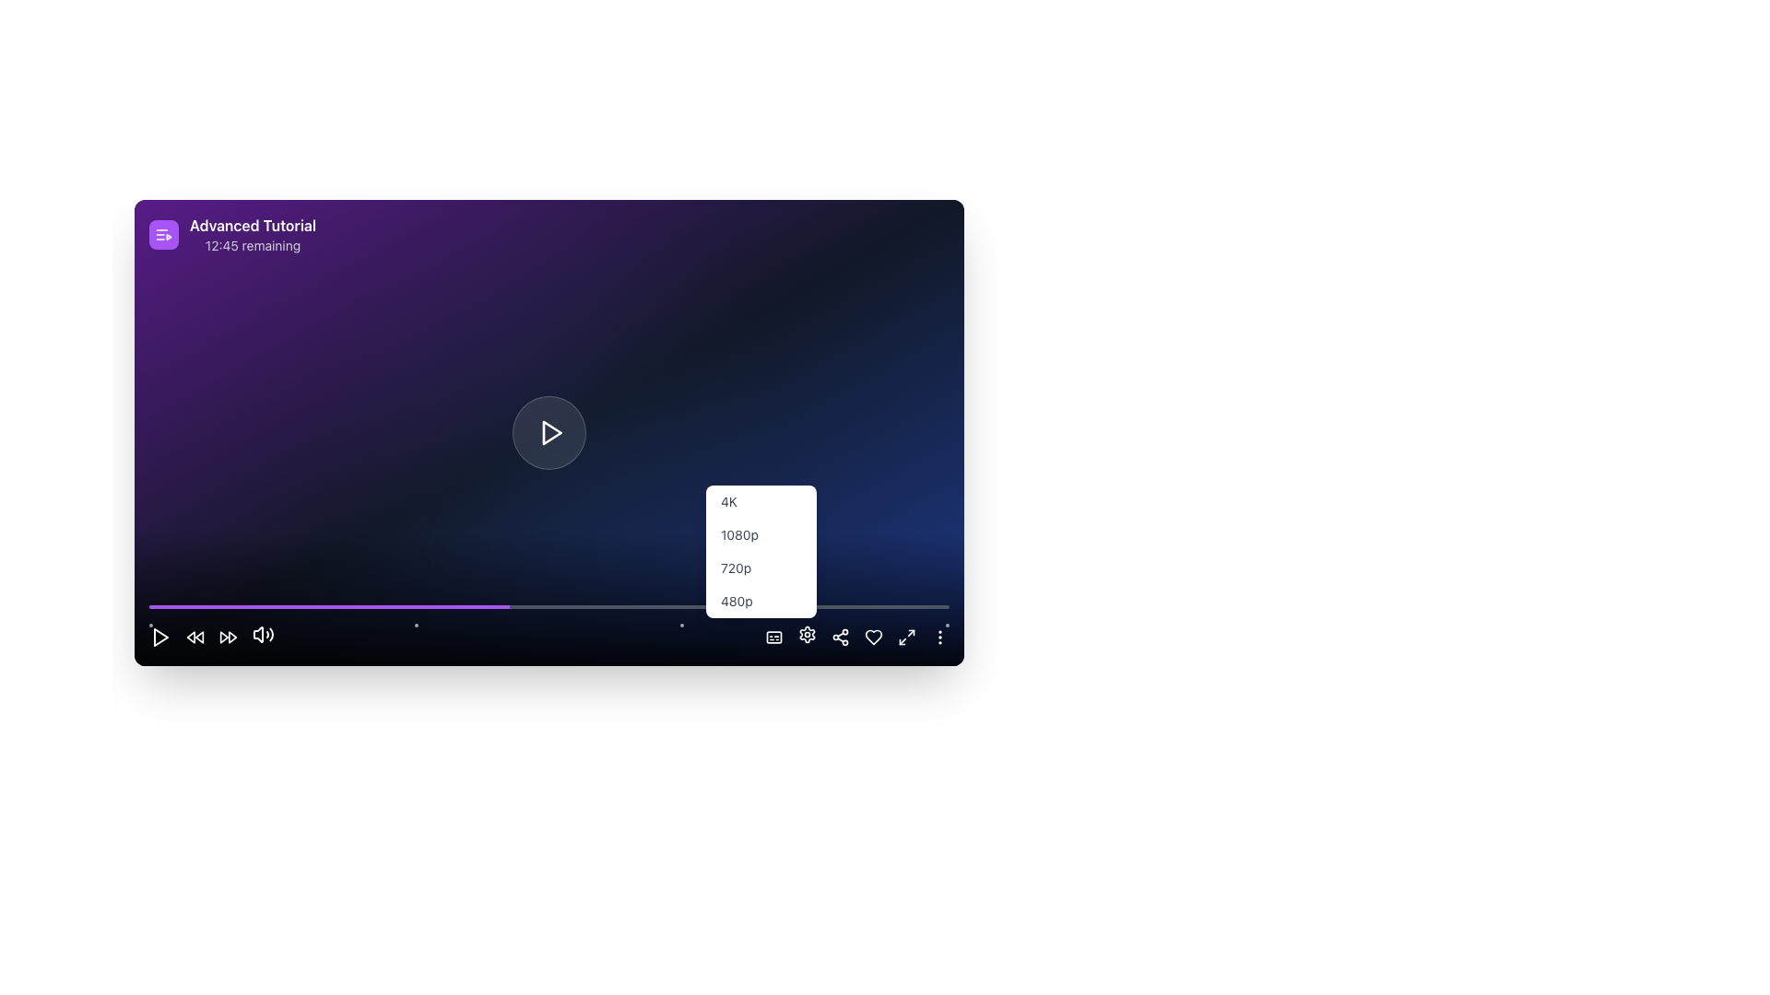 The image size is (1770, 995). What do you see at coordinates (160, 636) in the screenshot?
I see `the play icon located at the bottom center of the video player interface` at bounding box center [160, 636].